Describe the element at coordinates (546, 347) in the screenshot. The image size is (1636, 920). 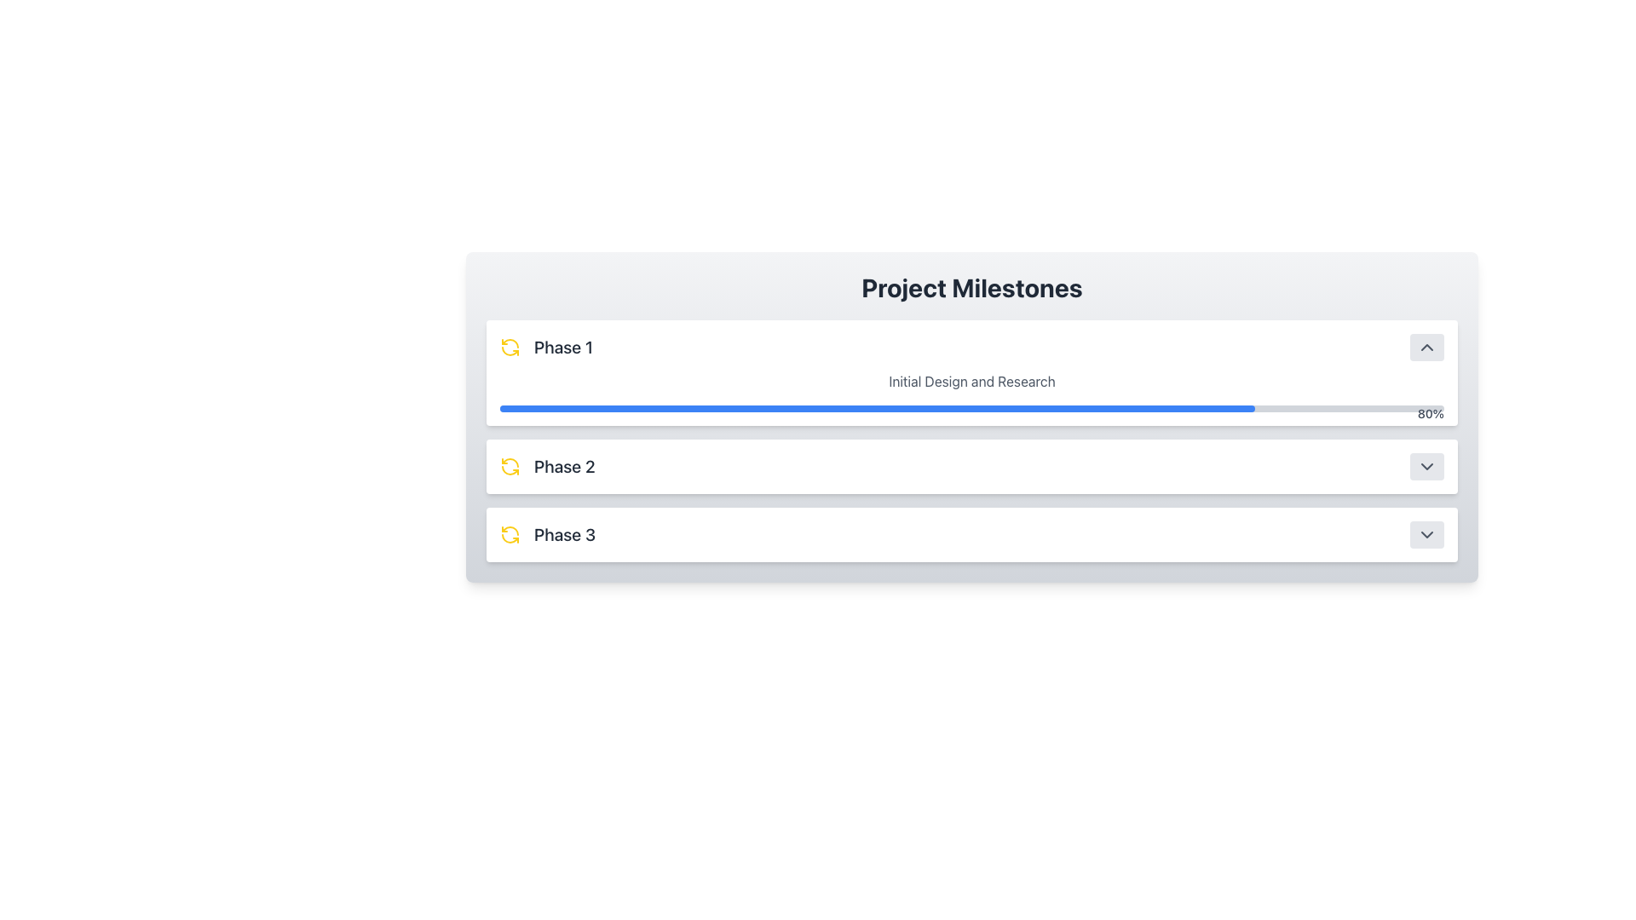
I see `the 'Phase 1' text label with an icon, which is positioned at the top of the vertical list of project phases` at that location.